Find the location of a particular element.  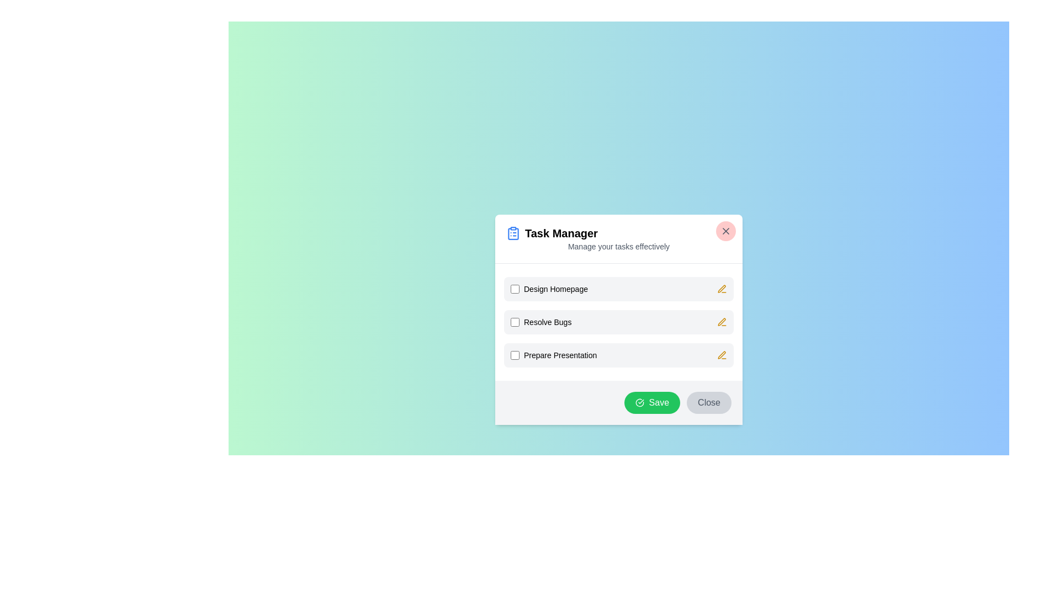

the Section Header titled 'Task Manager' which includes a blue clipboard icon and a subtitle 'Manage your tasks effectively' is located at coordinates (619, 238).